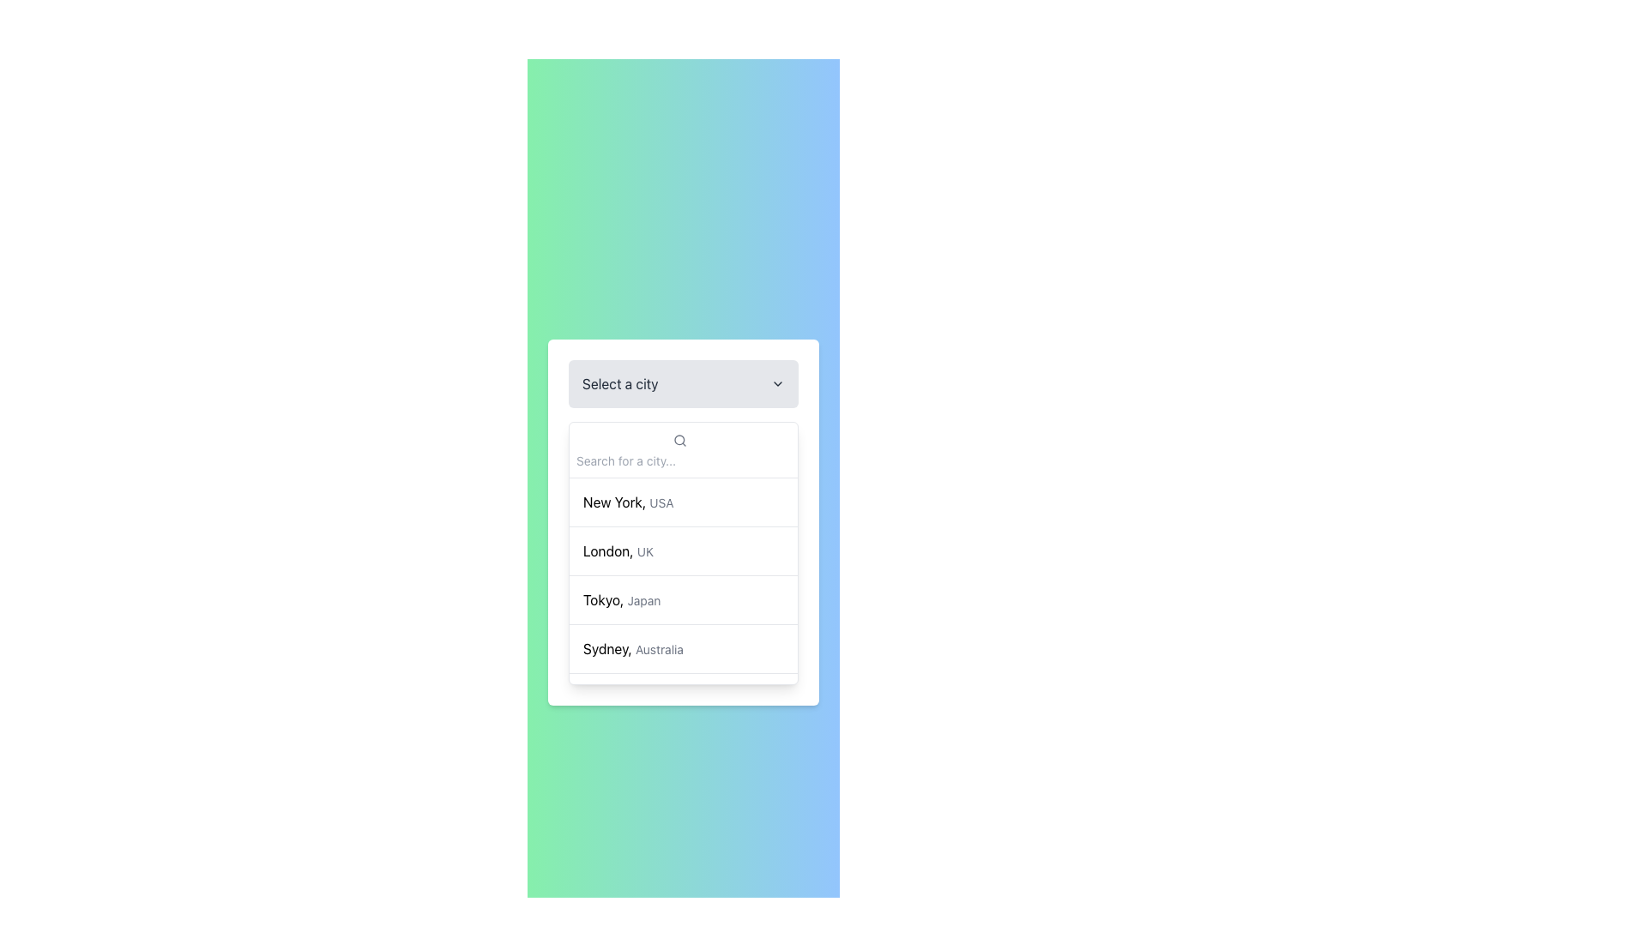 This screenshot has width=1647, height=926. Describe the element at coordinates (777, 382) in the screenshot. I see `the dropdown toggle icon located to the right of the 'Select a city' text` at that location.